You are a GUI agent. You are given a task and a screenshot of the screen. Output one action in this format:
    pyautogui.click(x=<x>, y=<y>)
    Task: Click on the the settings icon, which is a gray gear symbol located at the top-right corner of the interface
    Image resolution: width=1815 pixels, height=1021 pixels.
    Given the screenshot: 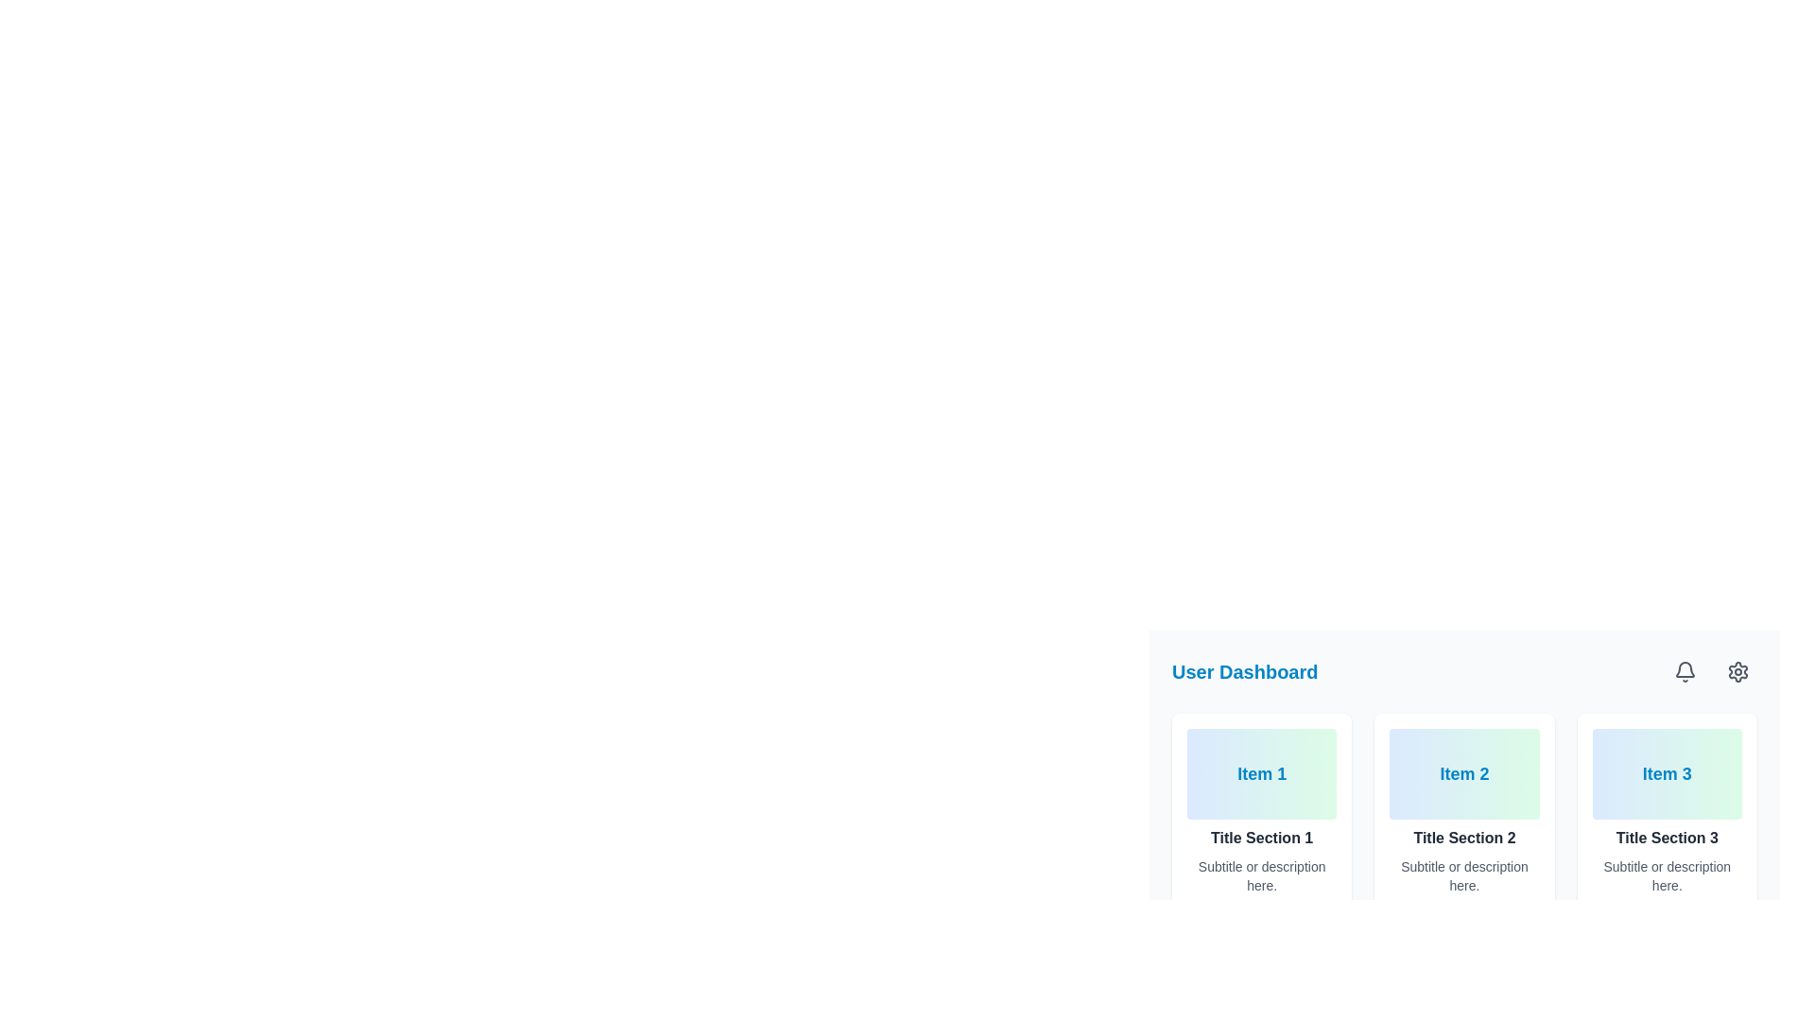 What is the action you would take?
    pyautogui.click(x=1737, y=670)
    